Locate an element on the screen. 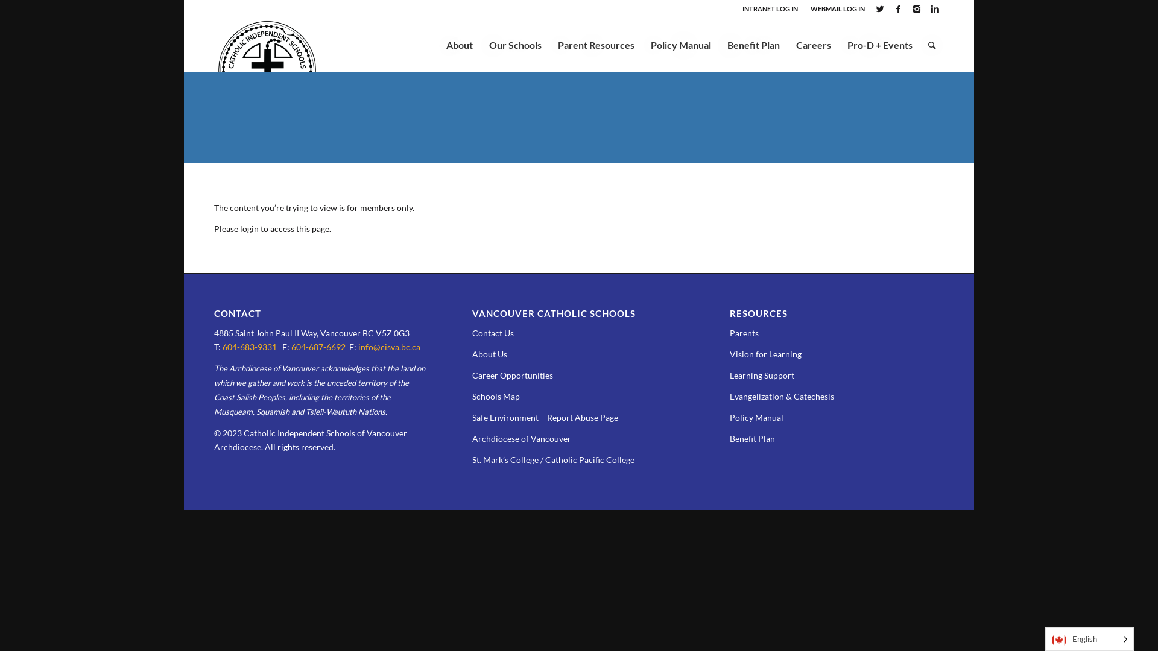 Image resolution: width=1158 pixels, height=651 pixels. 'Twitter' is located at coordinates (880, 9).